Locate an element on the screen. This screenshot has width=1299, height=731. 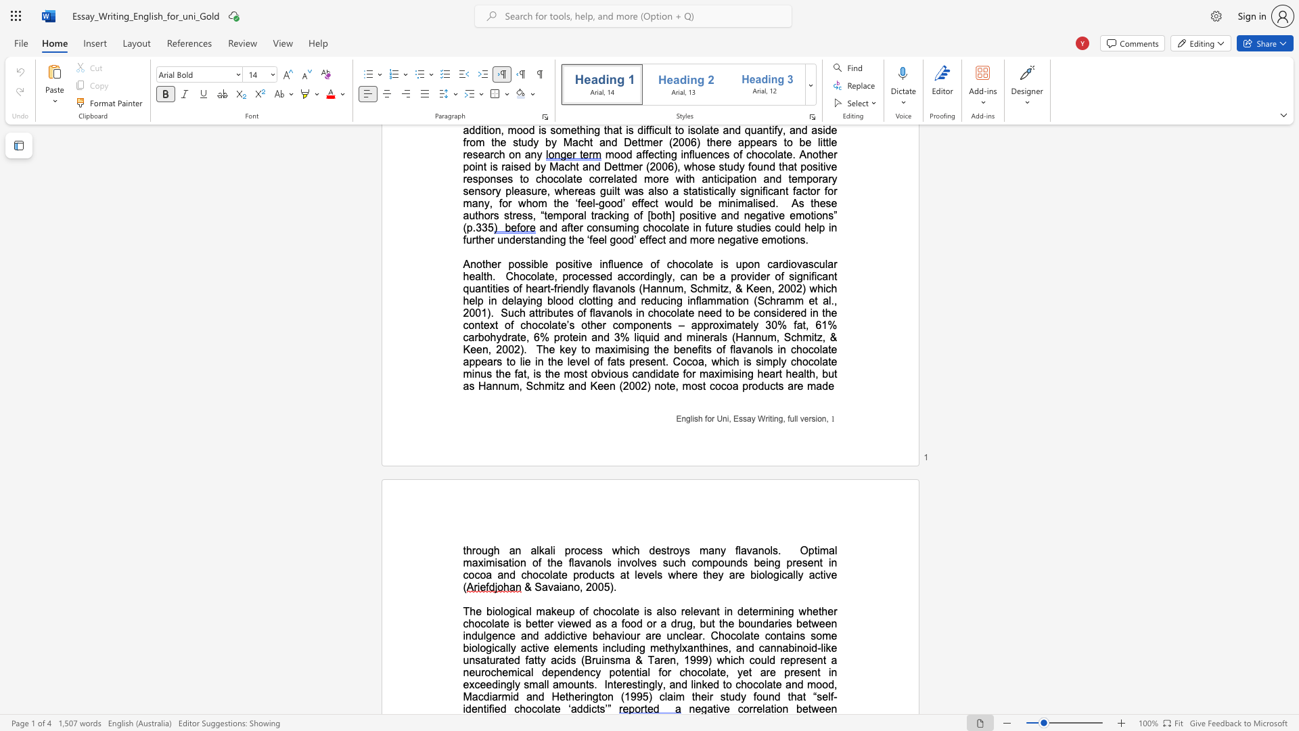
the subset text ", and can" within the text "some biologically active elements including methylxanthines, and cannabinoid-like unsaturated fatty acids (Bruinsma & Taren, 1999) which could" is located at coordinates (727, 647).